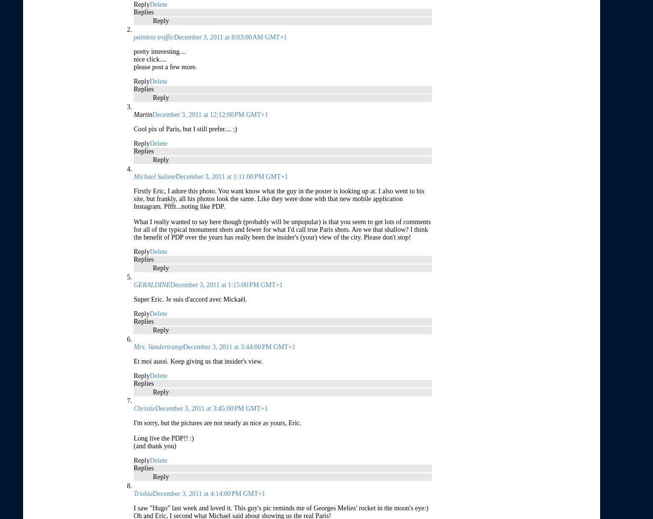 The height and width of the screenshot is (519, 653). Describe the element at coordinates (189, 299) in the screenshot. I see `'Super Eric. Je suis d'accord avec Mickaël.'` at that location.